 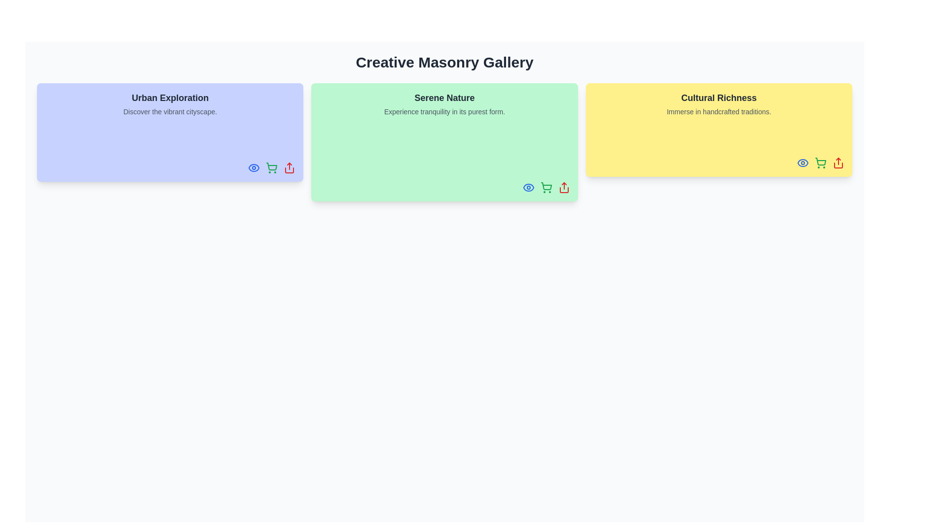 I want to click on the text heading 'Urban Exploration' displayed in bold, large font at the top of the leftmost card with a light blue background, so click(x=170, y=98).